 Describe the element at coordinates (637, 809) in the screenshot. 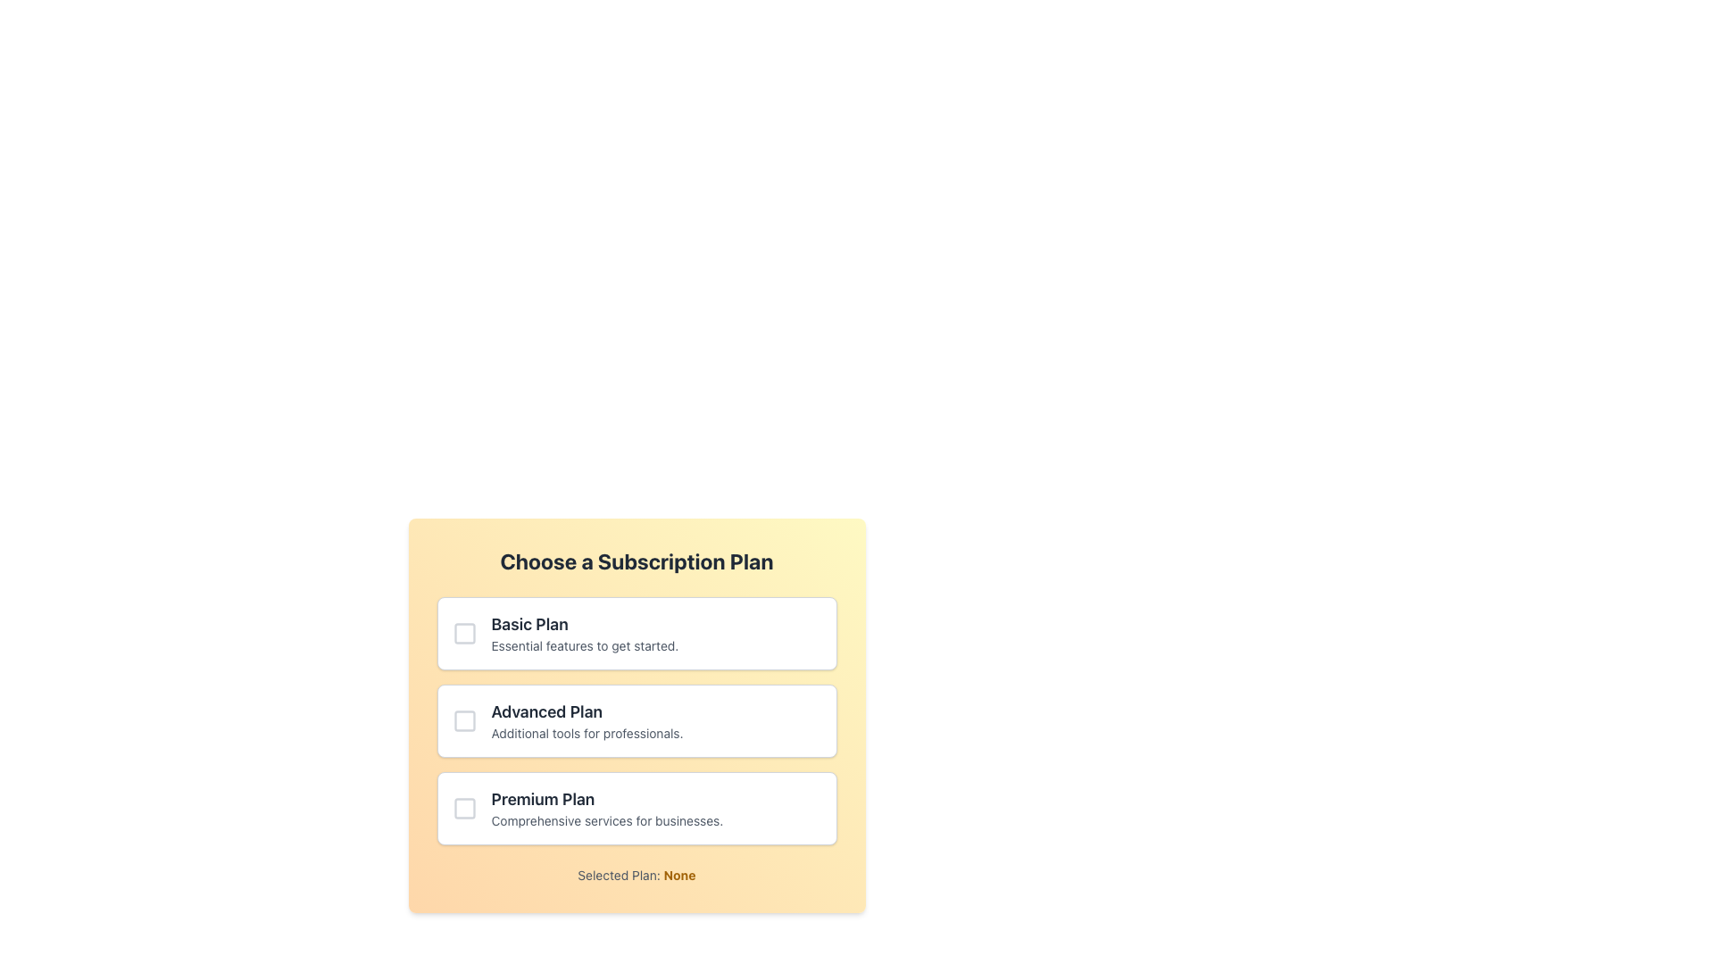

I see `the checkbox for the 'Premium Plan' subscription option` at that location.